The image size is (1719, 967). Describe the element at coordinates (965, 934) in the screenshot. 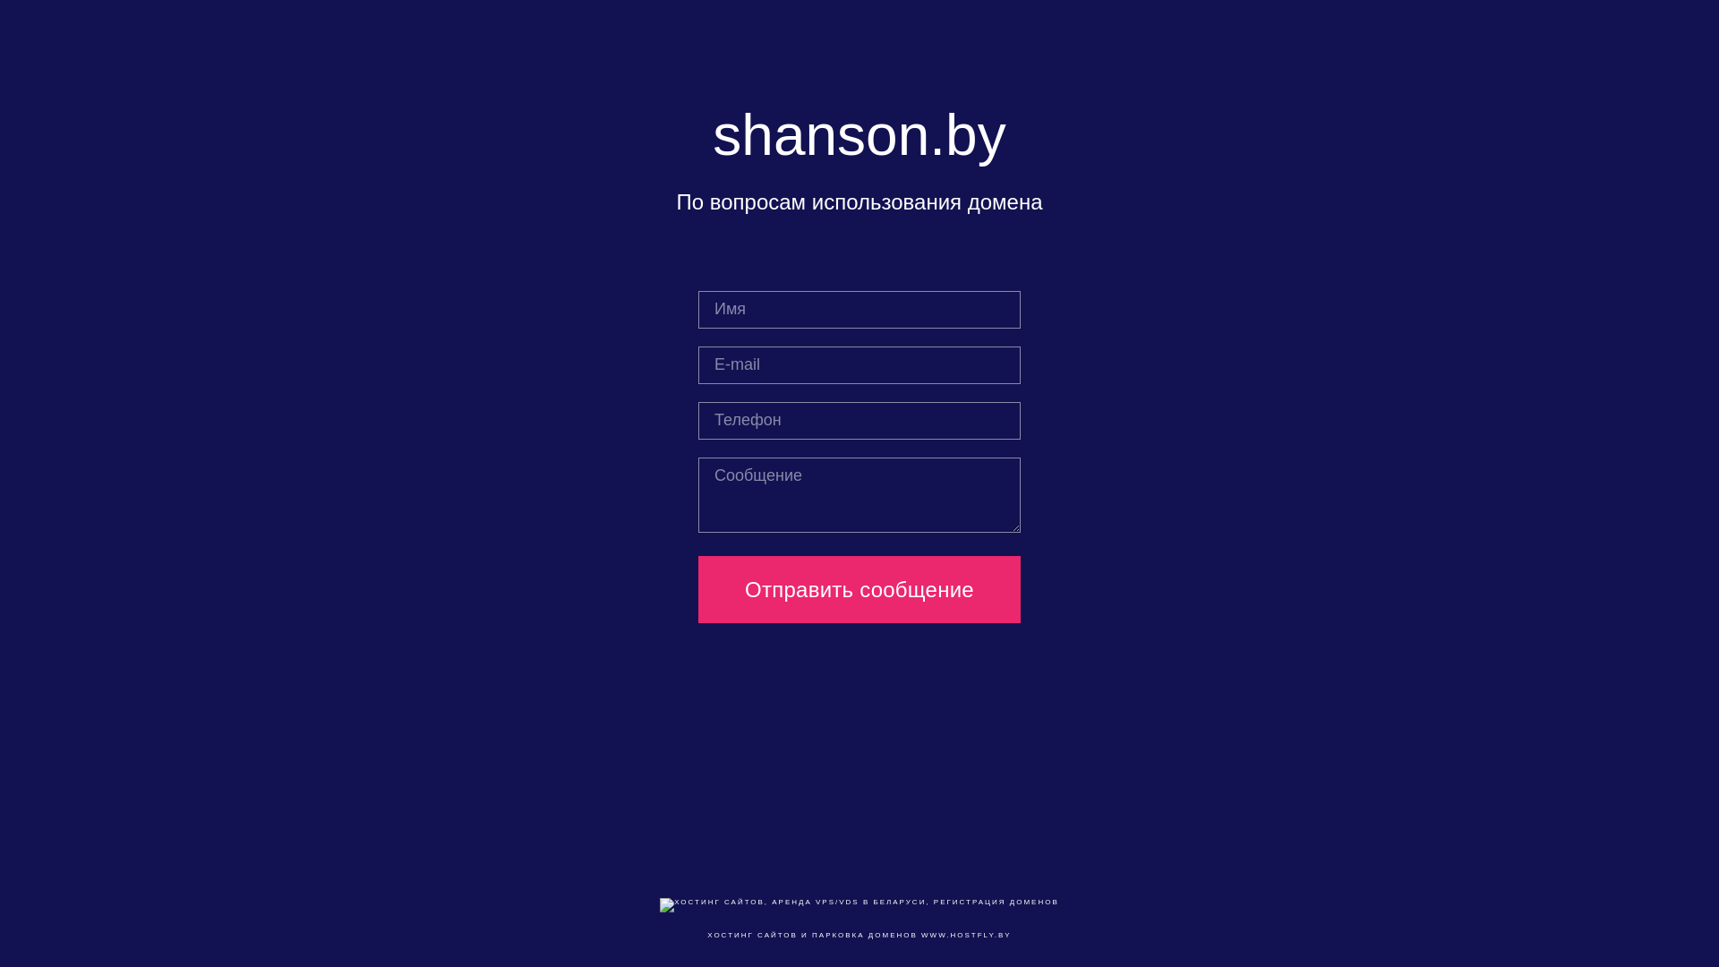

I see `'WWW.HOSTFLY.BY'` at that location.